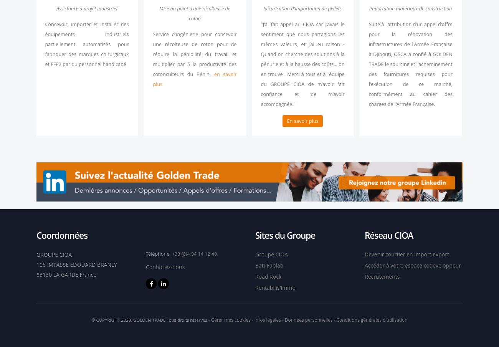 This screenshot has height=347, width=499. Describe the element at coordinates (66, 274) in the screenshot. I see `'83130 LA GARDE,France'` at that location.